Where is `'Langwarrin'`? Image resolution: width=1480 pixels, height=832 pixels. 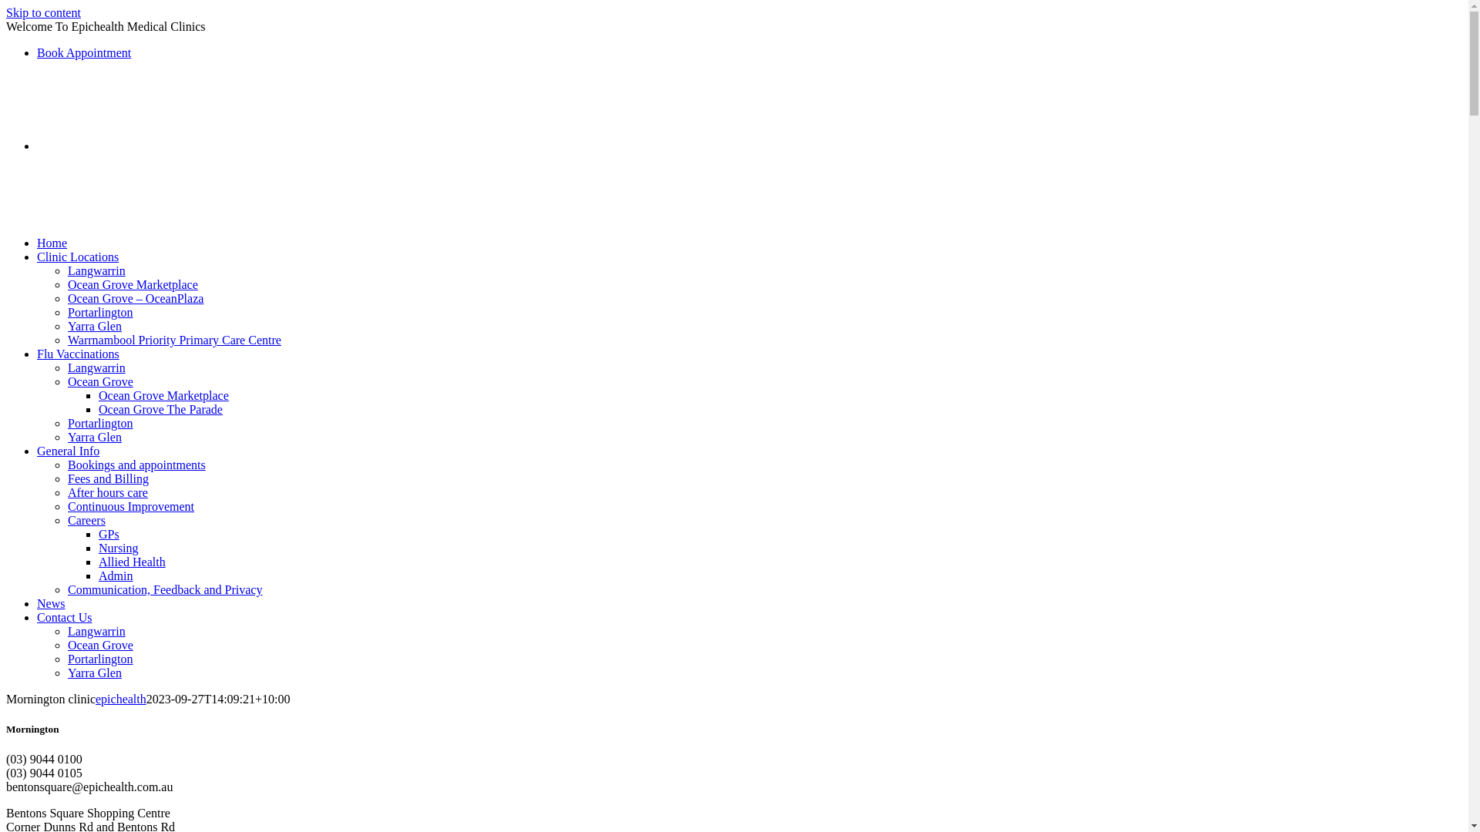 'Langwarrin' is located at coordinates (96, 270).